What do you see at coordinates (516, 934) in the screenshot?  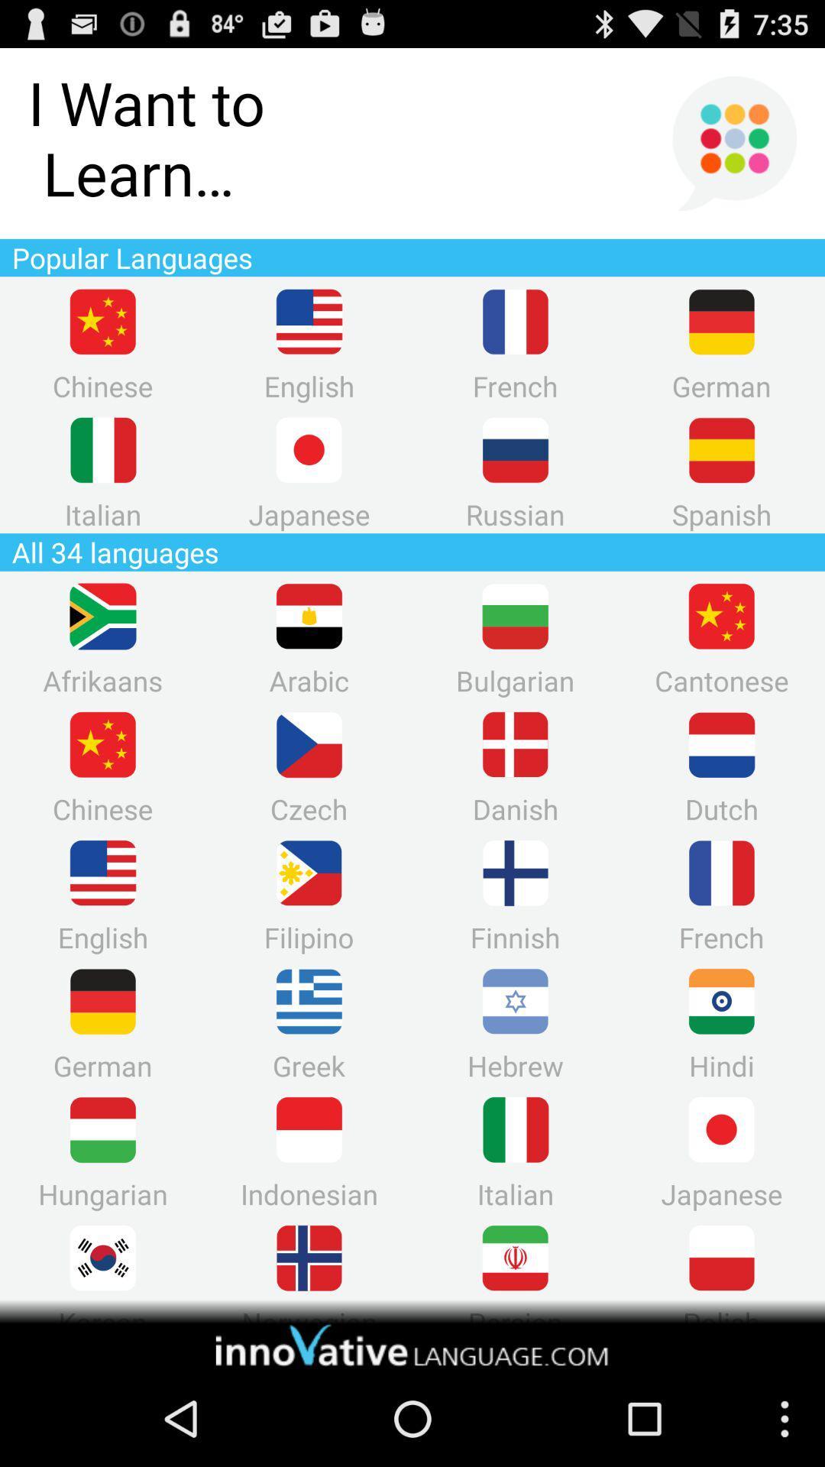 I see `the add icon` at bounding box center [516, 934].